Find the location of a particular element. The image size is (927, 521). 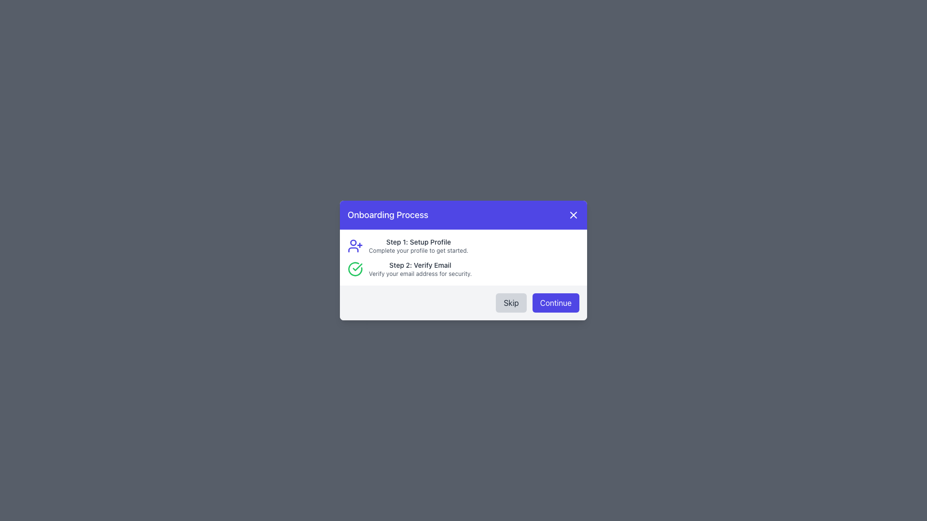

the close button, which is a minimalist icon with a white 'X' in a purple square, located in the top-right corner of the dialog header for 'Onboarding Process' is located at coordinates (574, 215).